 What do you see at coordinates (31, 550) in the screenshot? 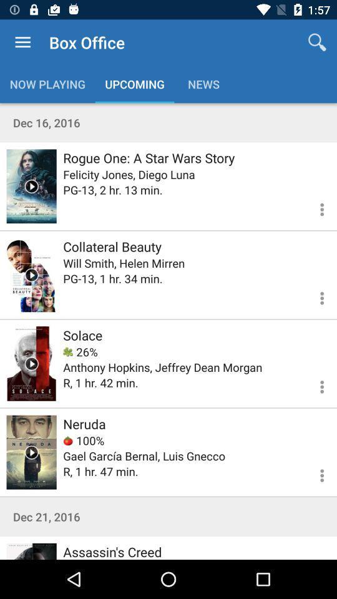
I see `movie page` at bounding box center [31, 550].